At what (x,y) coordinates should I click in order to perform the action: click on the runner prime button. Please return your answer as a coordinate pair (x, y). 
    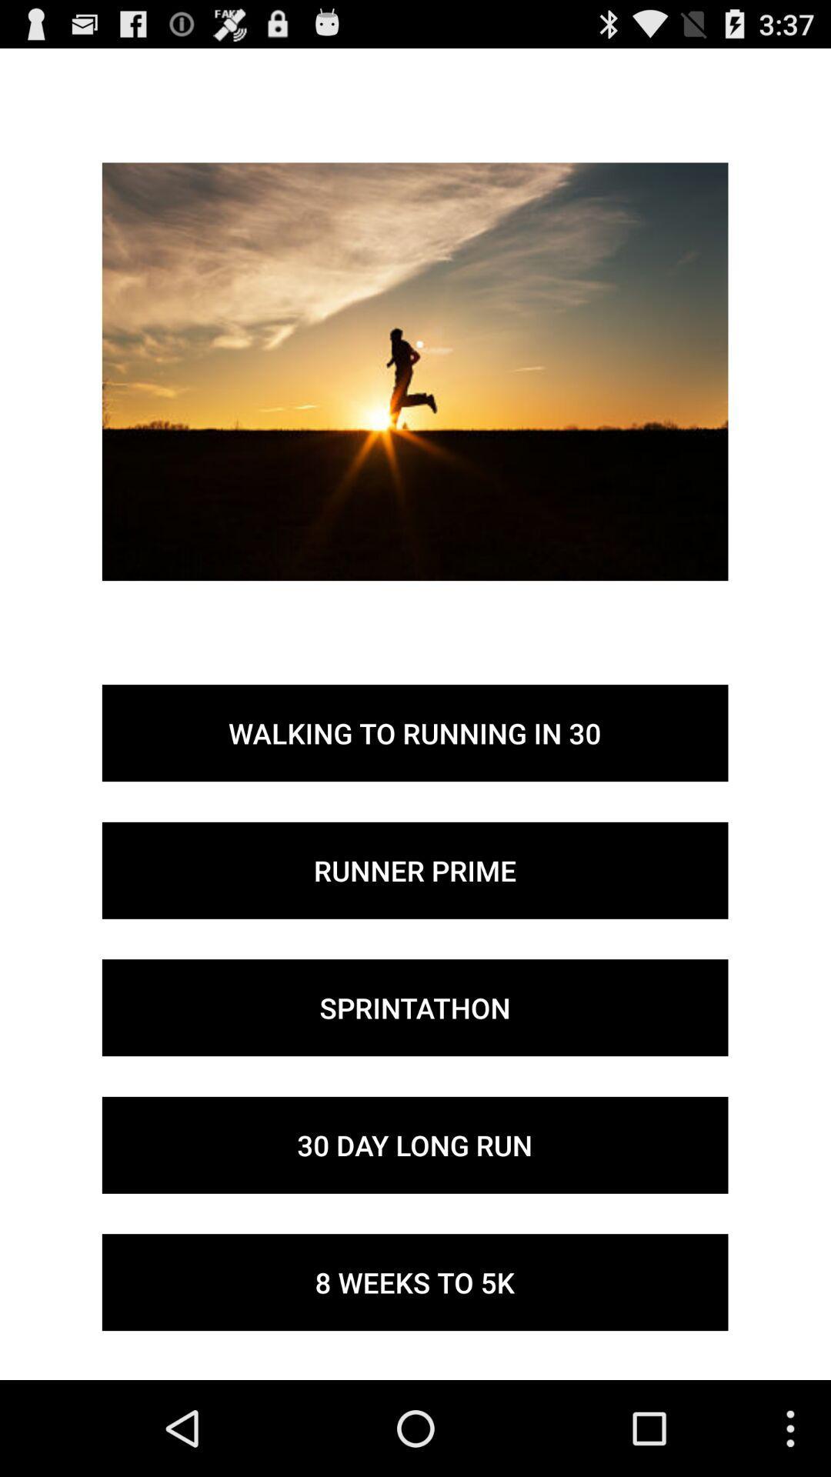
    Looking at the image, I should click on (414, 870).